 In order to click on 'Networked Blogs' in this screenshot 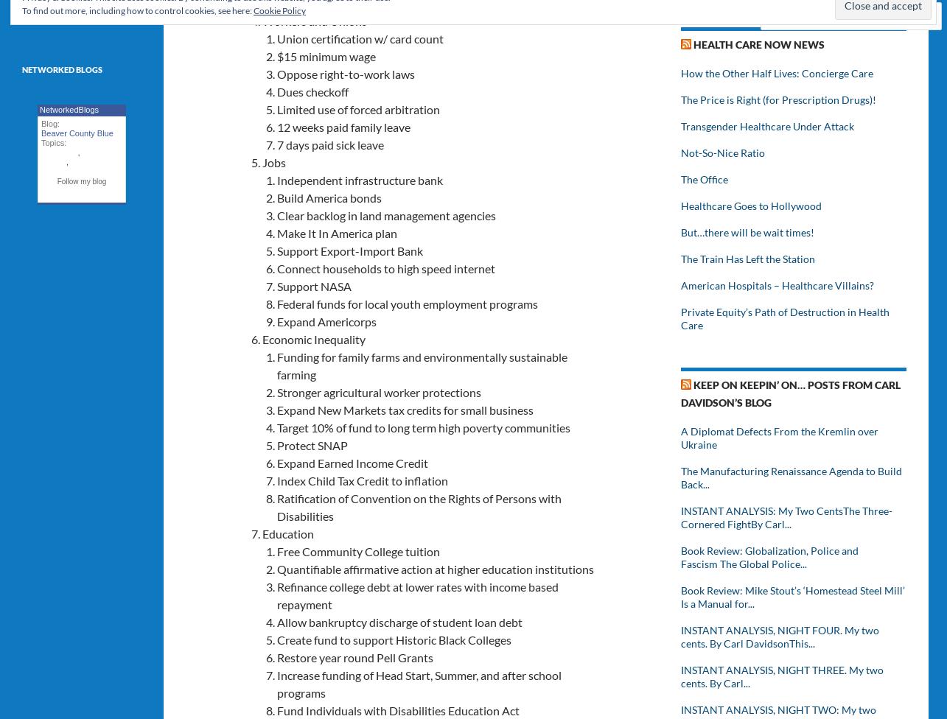, I will do `click(62, 69)`.